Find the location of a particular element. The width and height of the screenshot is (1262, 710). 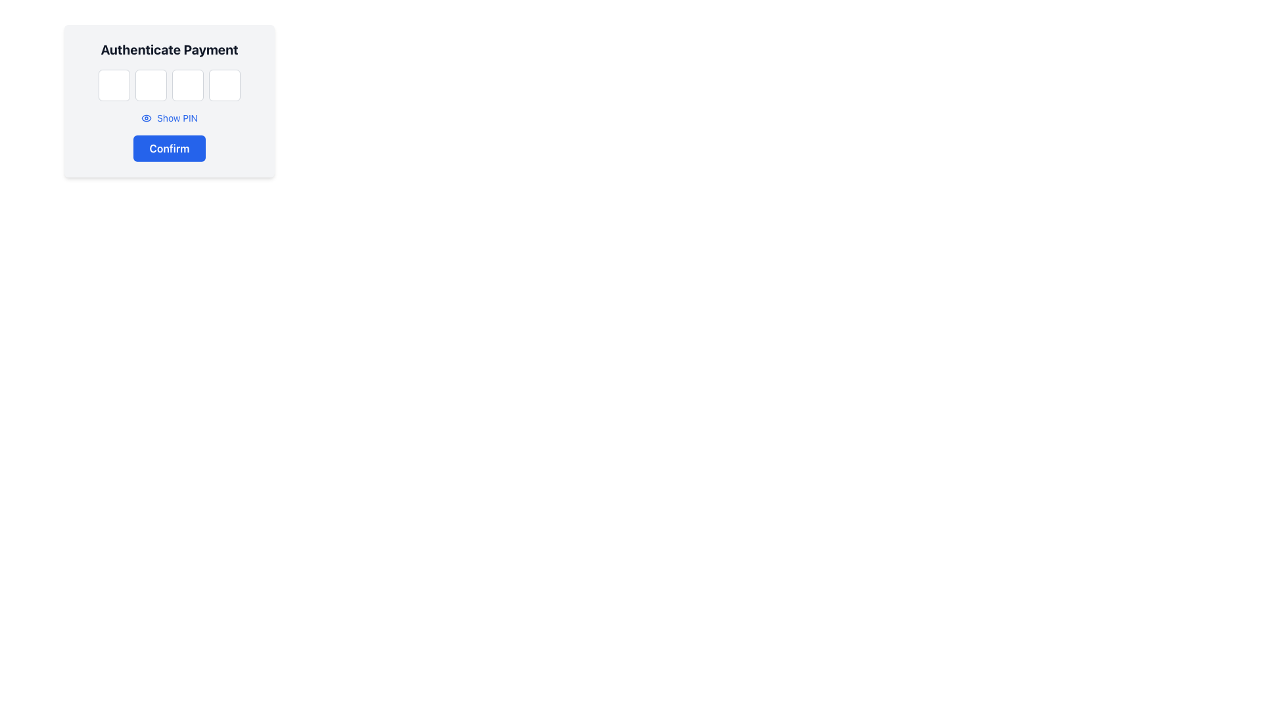

the rectangular 'Confirm' button with rounded corners and a blue background is located at coordinates (169, 148).